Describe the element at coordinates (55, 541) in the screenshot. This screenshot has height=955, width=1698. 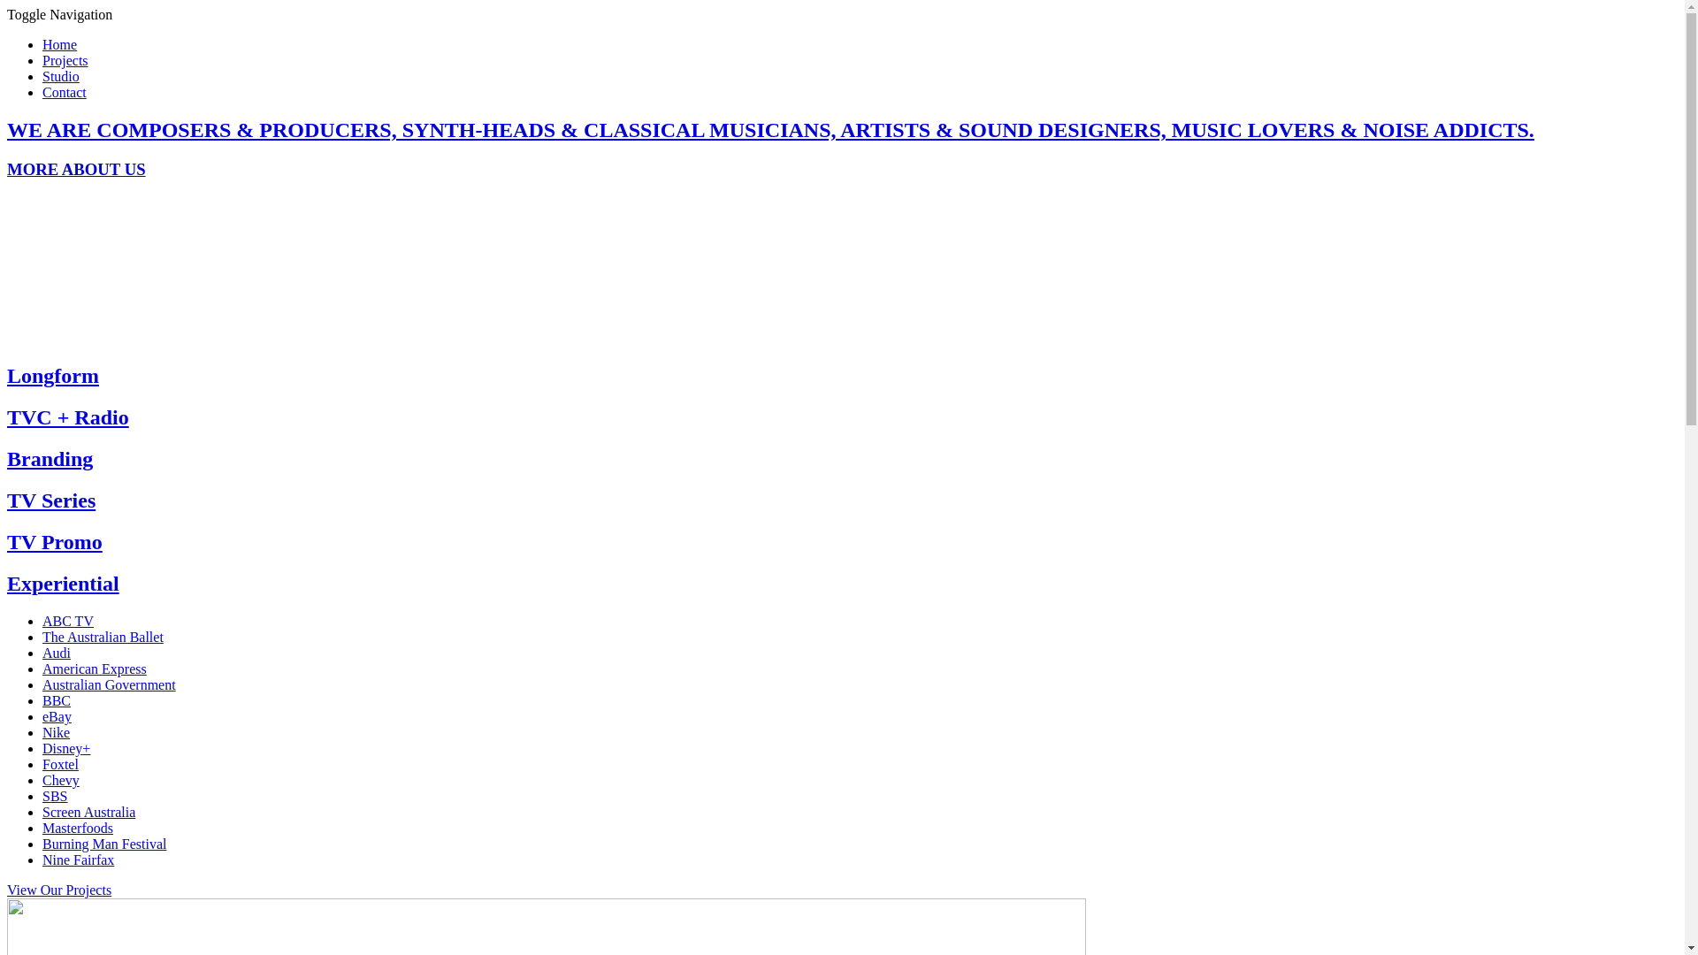
I see `'TV Promo'` at that location.